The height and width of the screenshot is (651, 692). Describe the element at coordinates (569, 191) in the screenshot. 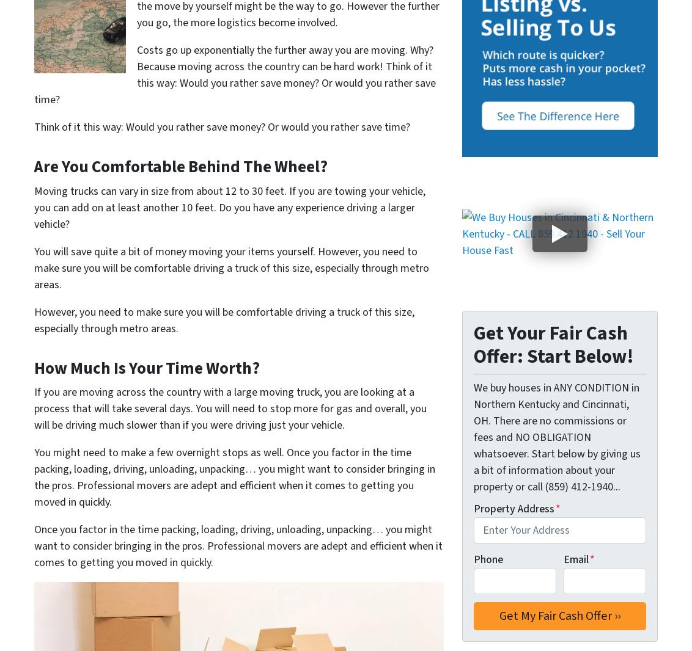

I see `'Mount Washington'` at that location.